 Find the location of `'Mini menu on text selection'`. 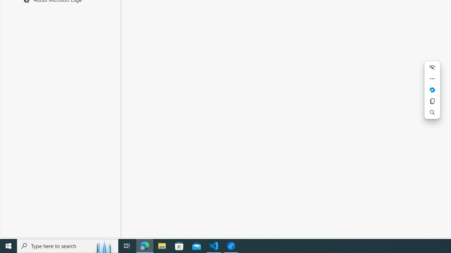

'Mini menu on text selection' is located at coordinates (432, 89).